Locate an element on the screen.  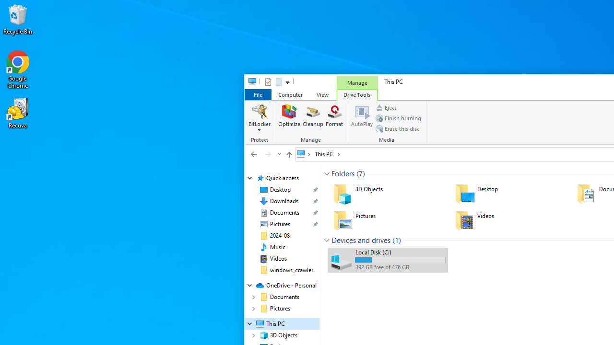
'Quick Access Toolbar' is located at coordinates (272, 81).